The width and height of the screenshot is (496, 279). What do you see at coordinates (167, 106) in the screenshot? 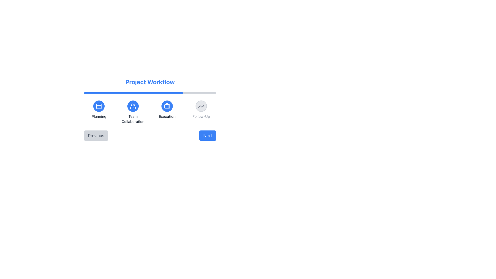
I see `the circular blue icon with a white briefcase symbol labeled 'Execution', which is the third icon in a horizontal sequence of four workflow icons` at bounding box center [167, 106].